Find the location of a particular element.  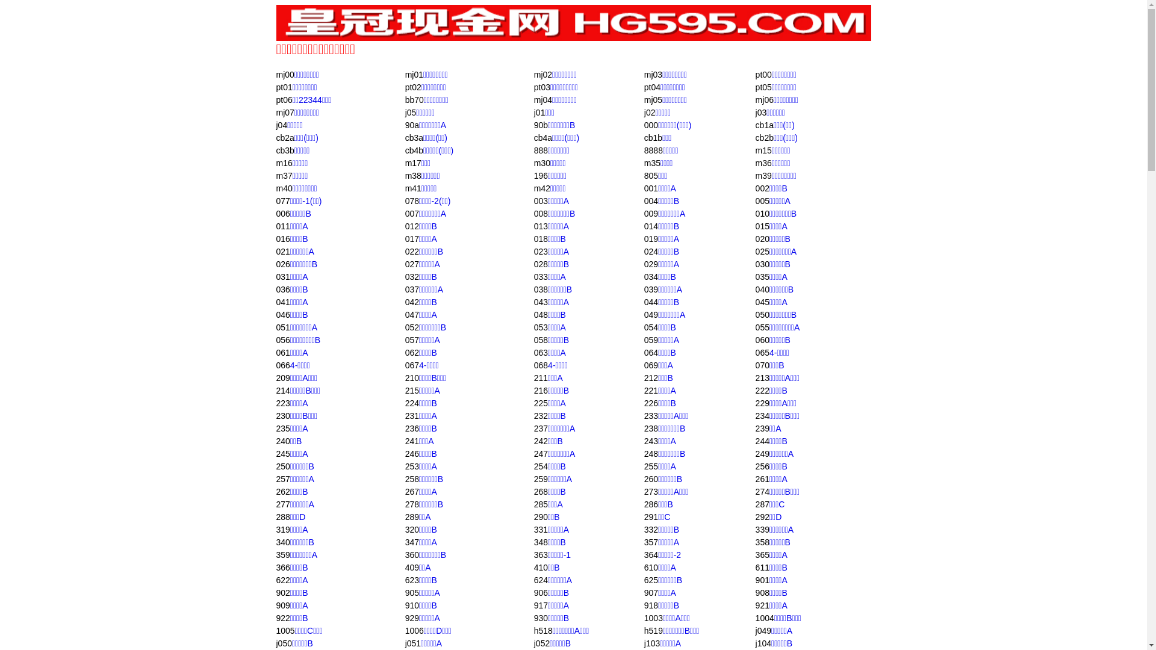

'j052' is located at coordinates (541, 642).